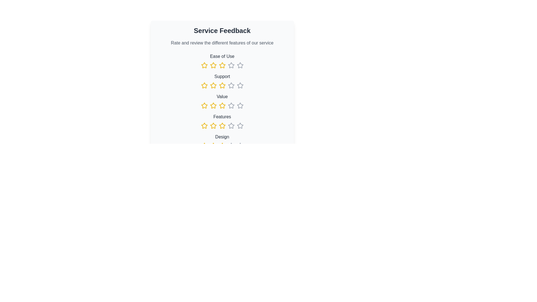  What do you see at coordinates (213, 85) in the screenshot?
I see `the second star in the rating icon set under the 'Support' category` at bounding box center [213, 85].